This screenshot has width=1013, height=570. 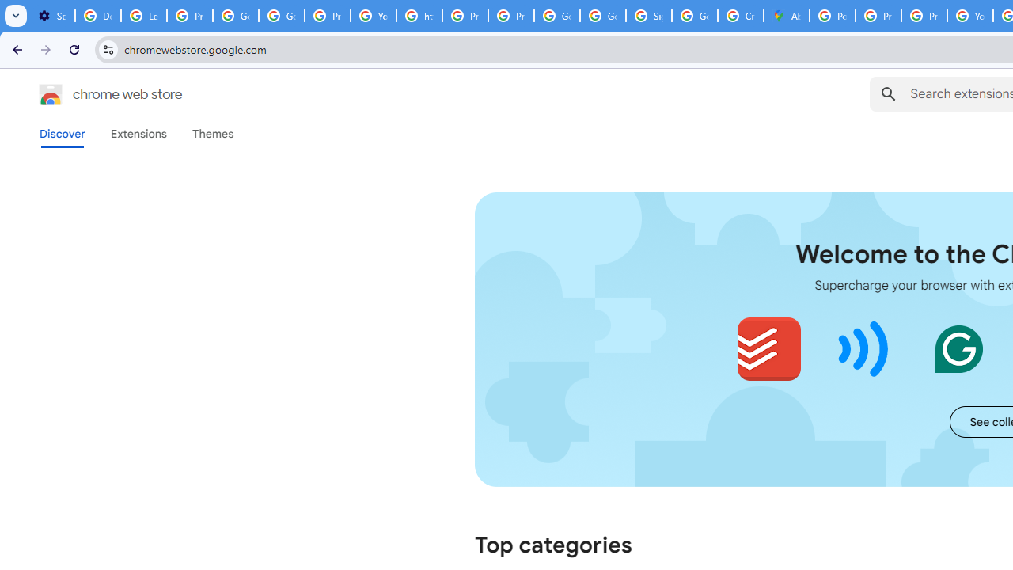 What do you see at coordinates (740, 16) in the screenshot?
I see `'Create your Google Account'` at bounding box center [740, 16].